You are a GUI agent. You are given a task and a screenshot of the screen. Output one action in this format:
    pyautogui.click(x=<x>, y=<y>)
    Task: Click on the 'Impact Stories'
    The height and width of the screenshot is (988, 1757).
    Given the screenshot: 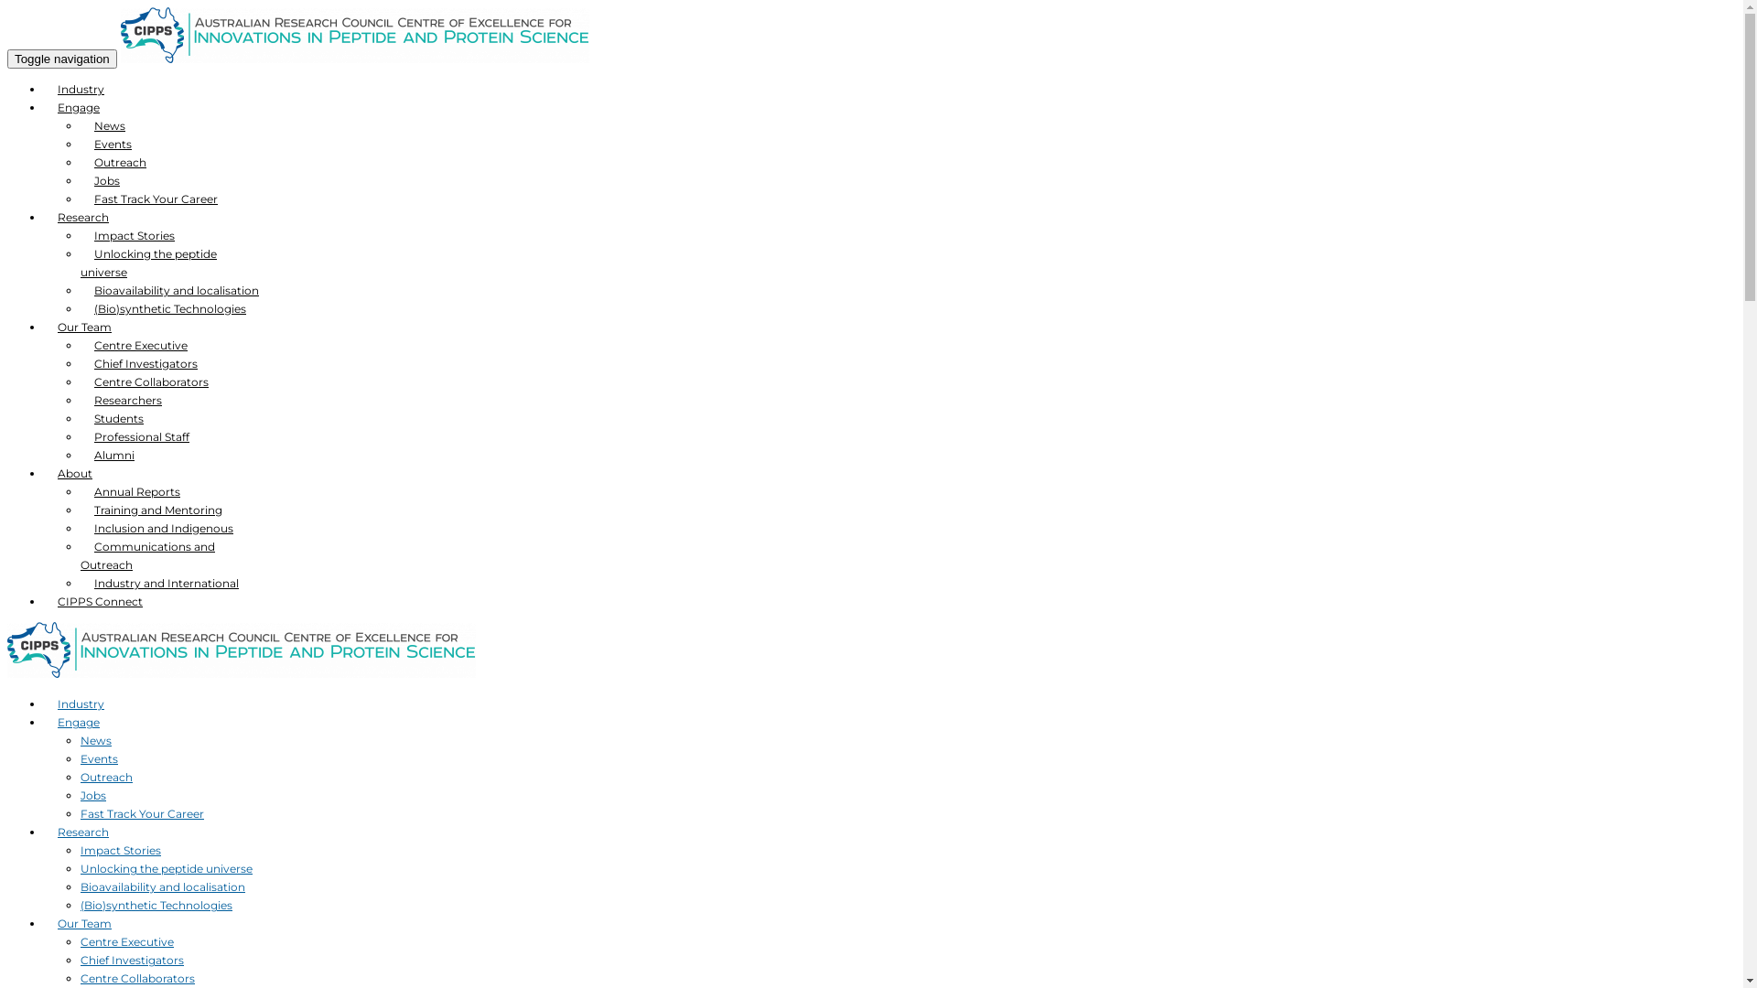 What is the action you would take?
    pyautogui.click(x=119, y=850)
    